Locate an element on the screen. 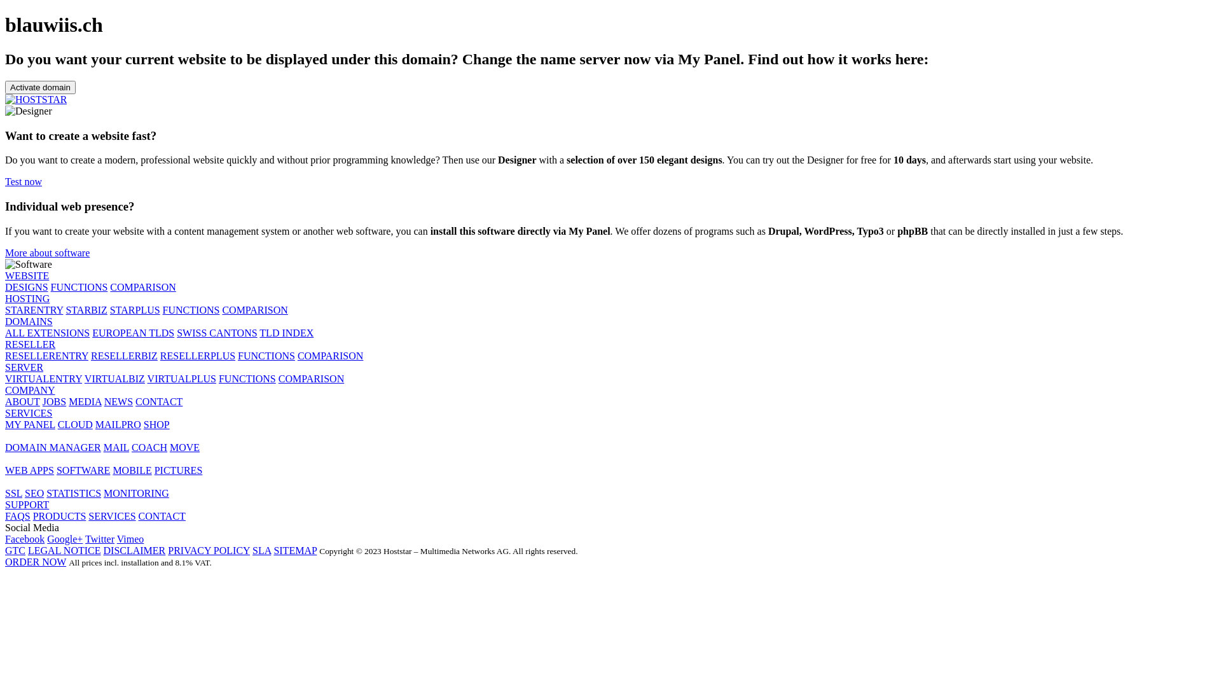 The height and width of the screenshot is (687, 1221). 'SERVICES' is located at coordinates (28, 413).